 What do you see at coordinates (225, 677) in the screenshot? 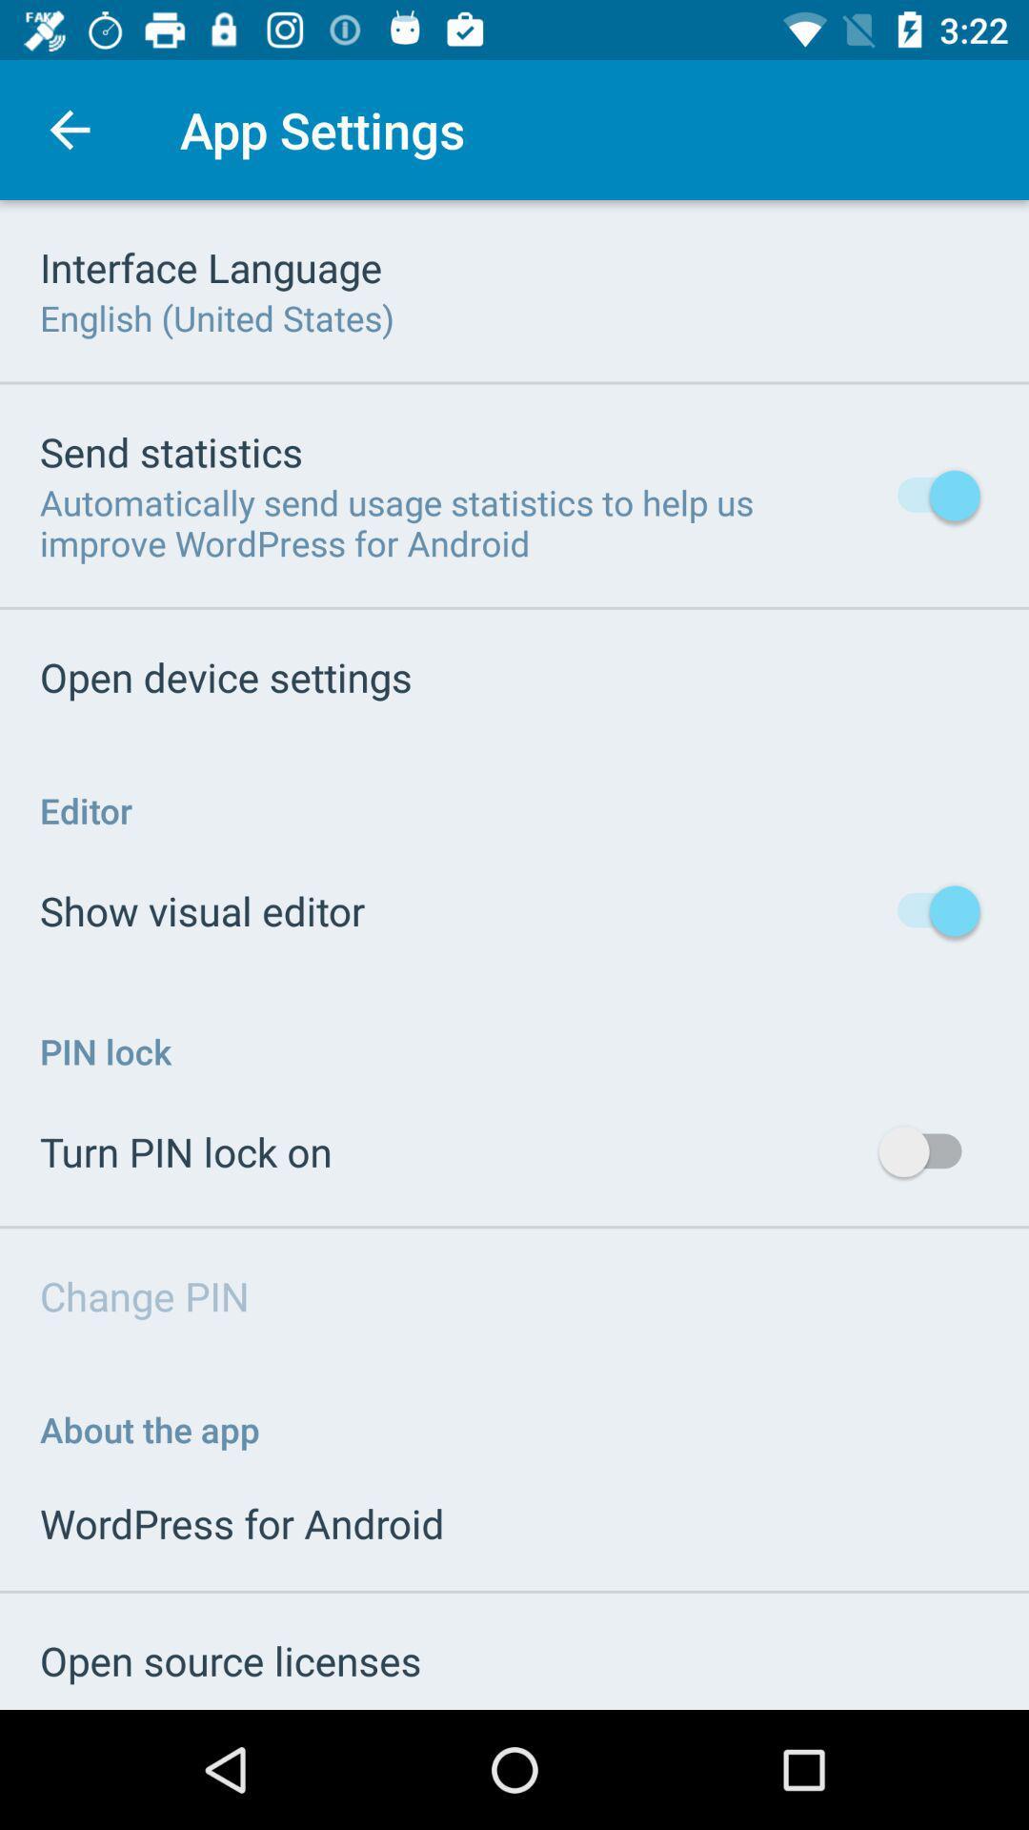
I see `item above the editor icon` at bounding box center [225, 677].